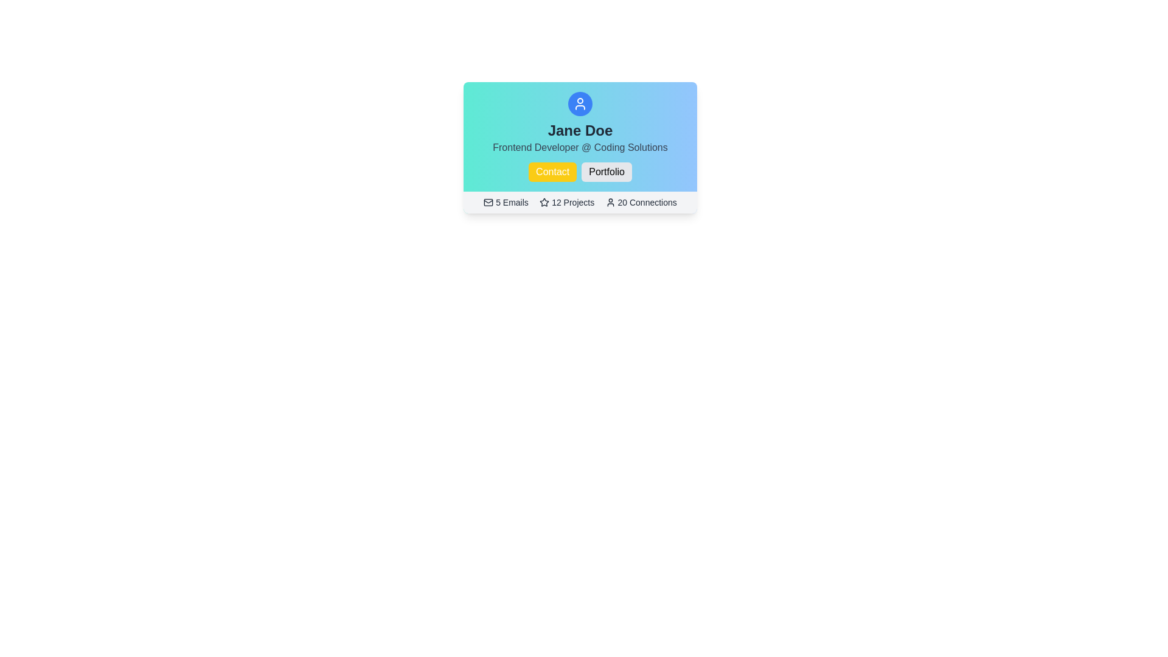 This screenshot has width=1168, height=657. Describe the element at coordinates (506, 201) in the screenshot. I see `the text label displaying '5 Emails' with a mail icon, which is located in the first section on the left of a row containing three sections` at that location.